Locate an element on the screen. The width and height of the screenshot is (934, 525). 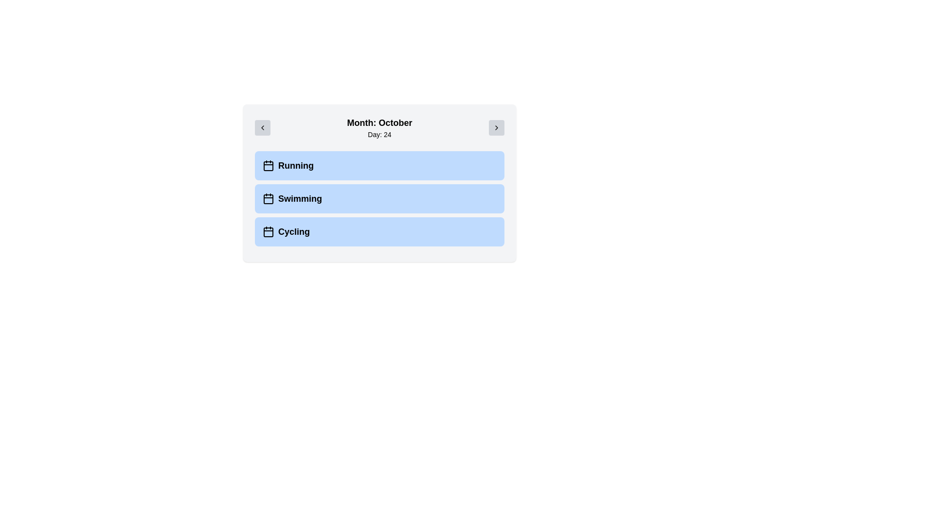
the Decorative calendar icon, which is styled with a white or transparent base color and outlined with a bold stroke, located beside the 'Swimming' text label is located at coordinates (269, 198).